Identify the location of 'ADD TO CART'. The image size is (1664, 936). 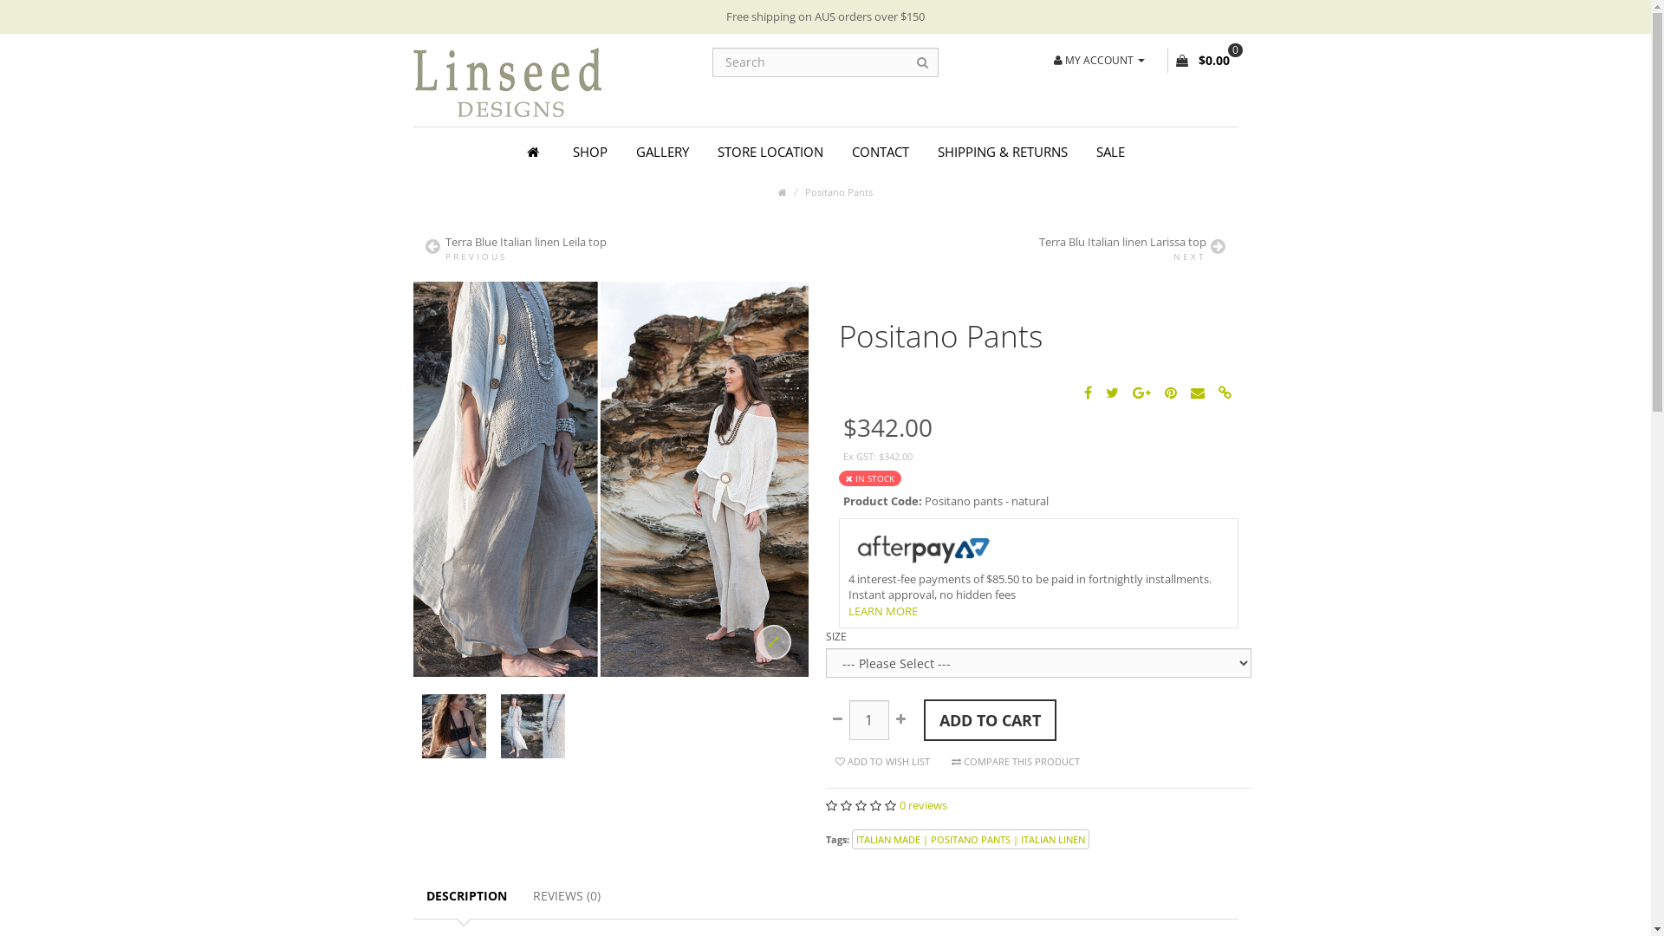
(990, 719).